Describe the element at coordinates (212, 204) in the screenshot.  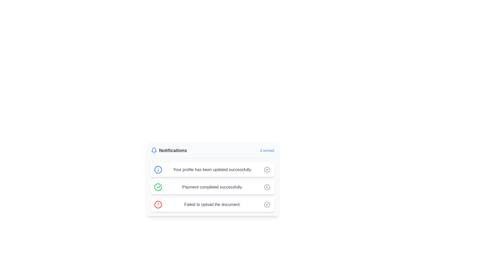
I see `text element that displays 'Failed to upload the document.' located in the notification list, which is styled with dark gray text on a white background` at that location.